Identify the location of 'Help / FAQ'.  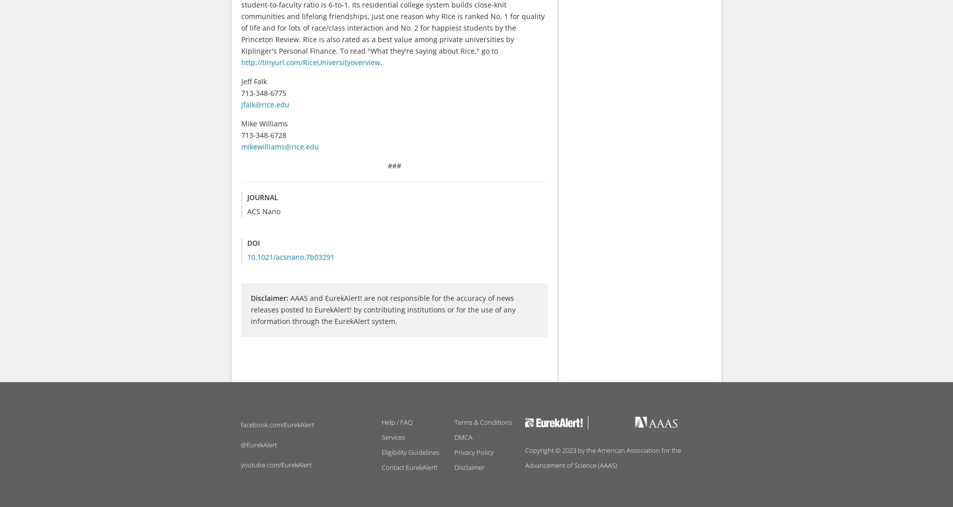
(396, 421).